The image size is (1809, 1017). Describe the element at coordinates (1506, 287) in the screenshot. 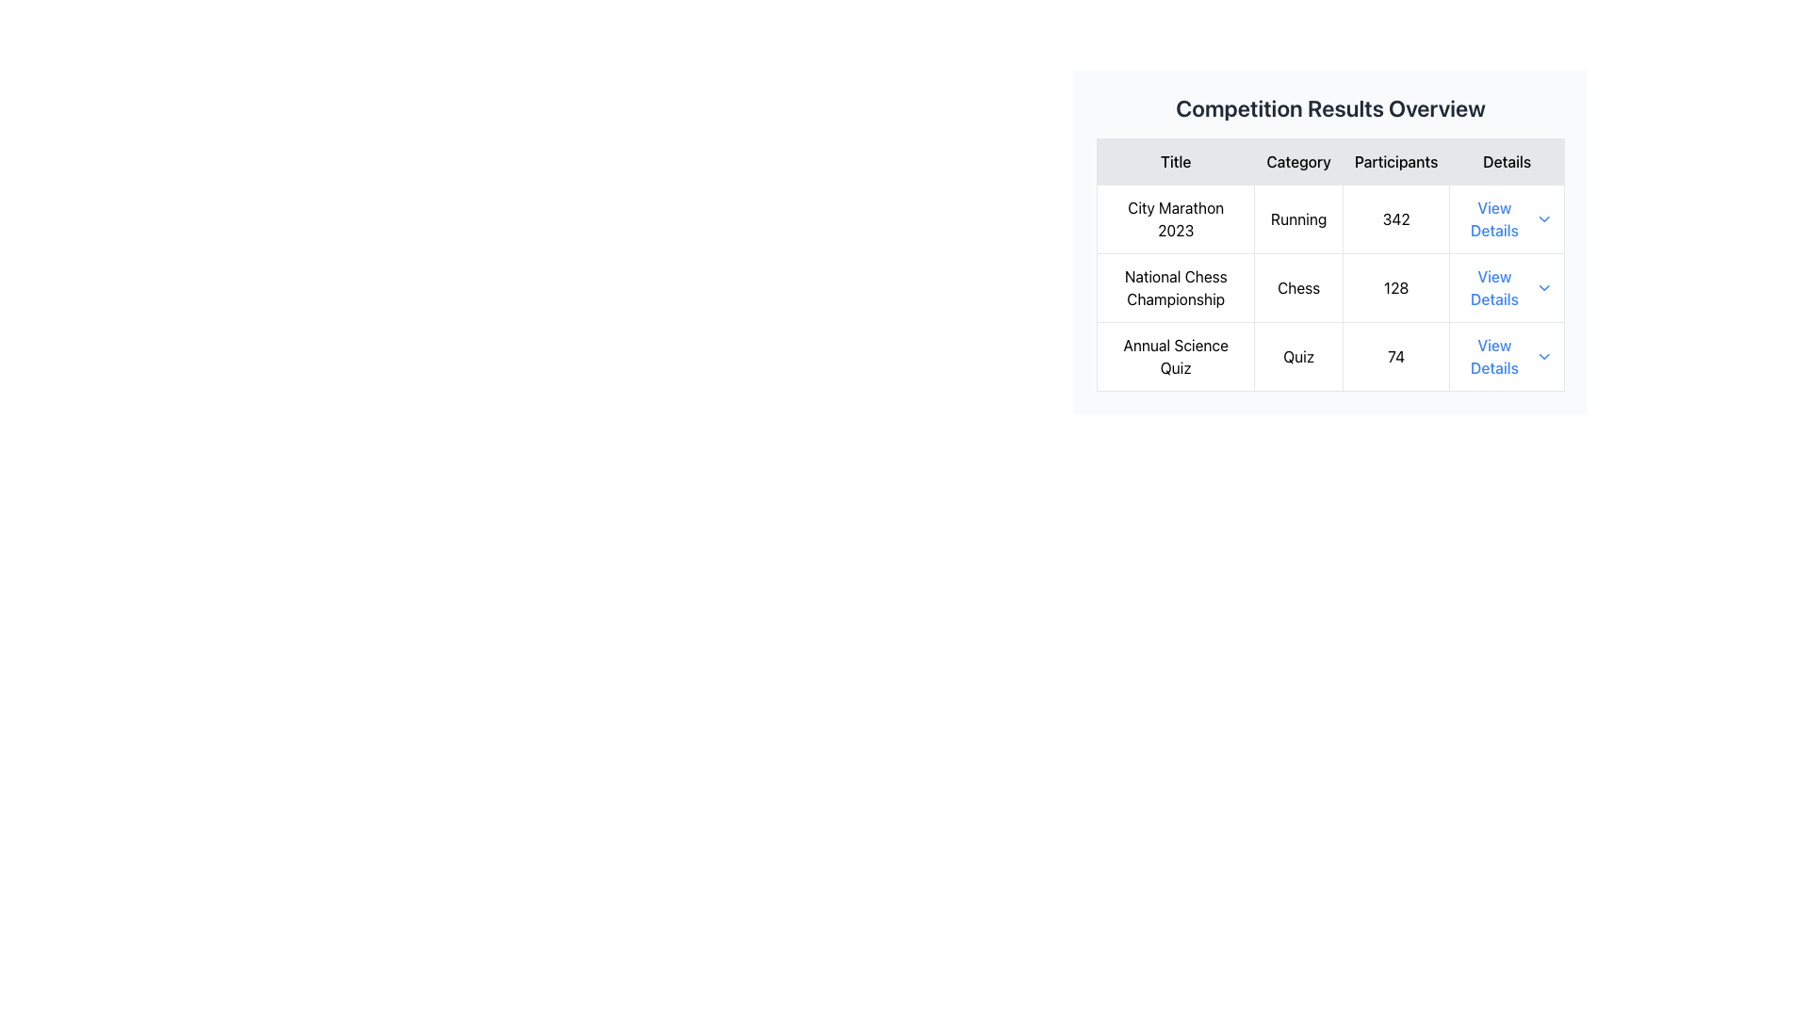

I see `the Interactive Link in the 'Details' column for the row titled 'National Chess Championship'` at that location.